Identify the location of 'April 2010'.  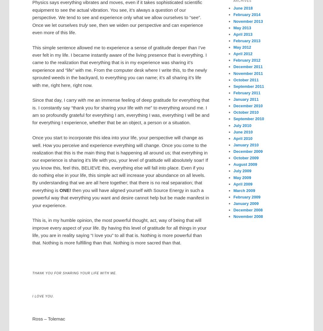
(233, 138).